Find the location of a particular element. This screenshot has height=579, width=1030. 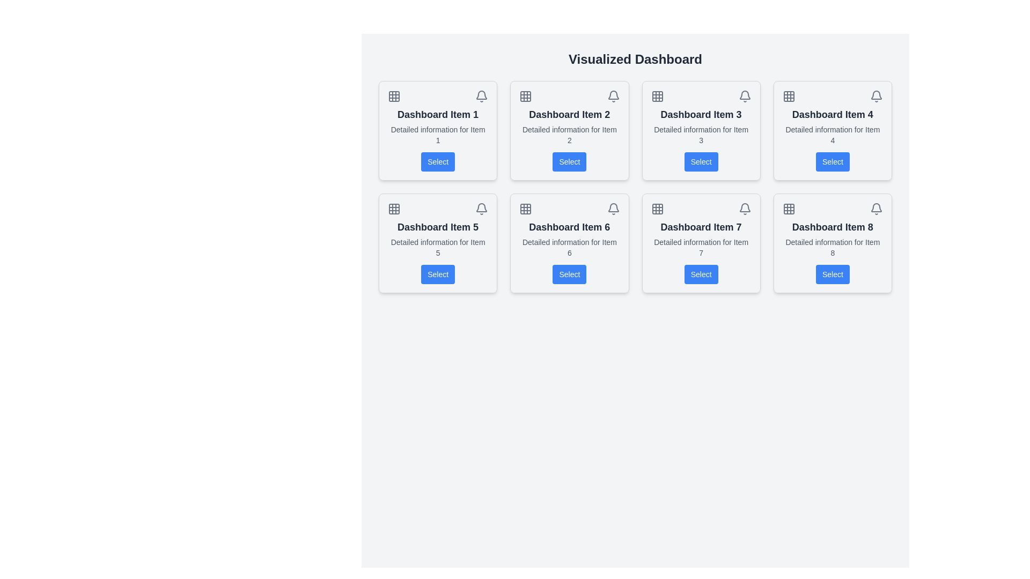

the small square grid icon with rounded corners, highlighted in red, located at the top-left corner of the card labeled 'Dashboard Item 2' is located at coordinates (526, 96).